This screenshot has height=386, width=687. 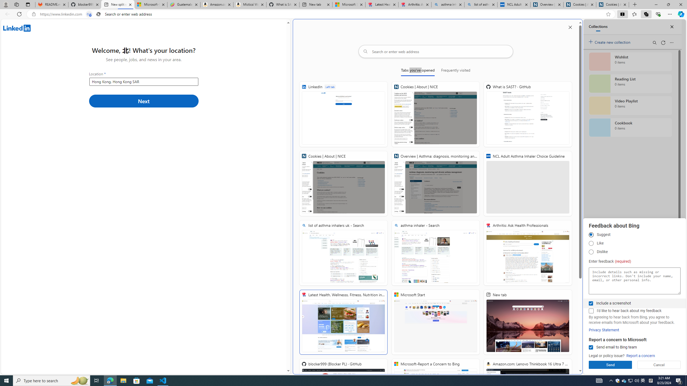 What do you see at coordinates (641, 355) in the screenshot?
I see `'Report a concern'` at bounding box center [641, 355].